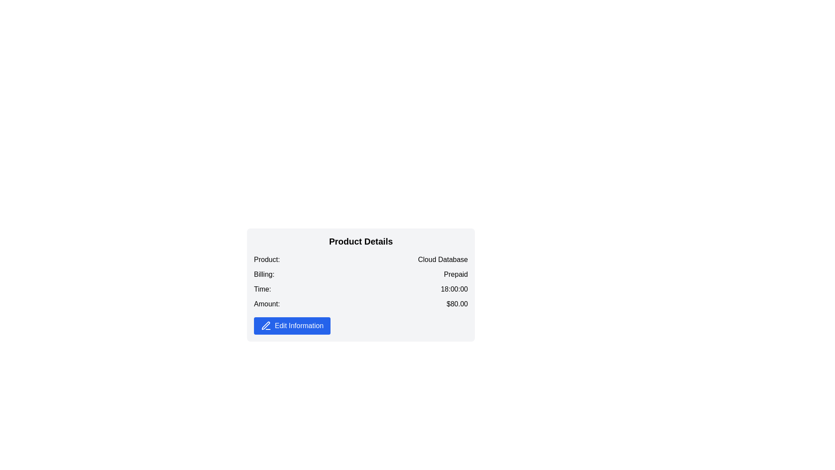 This screenshot has width=835, height=470. I want to click on the text label displaying 'billing:' in bold black text, which is positioned on the left side of the 'Product Details' section, preceding the value 'Prepaid', so click(264, 275).